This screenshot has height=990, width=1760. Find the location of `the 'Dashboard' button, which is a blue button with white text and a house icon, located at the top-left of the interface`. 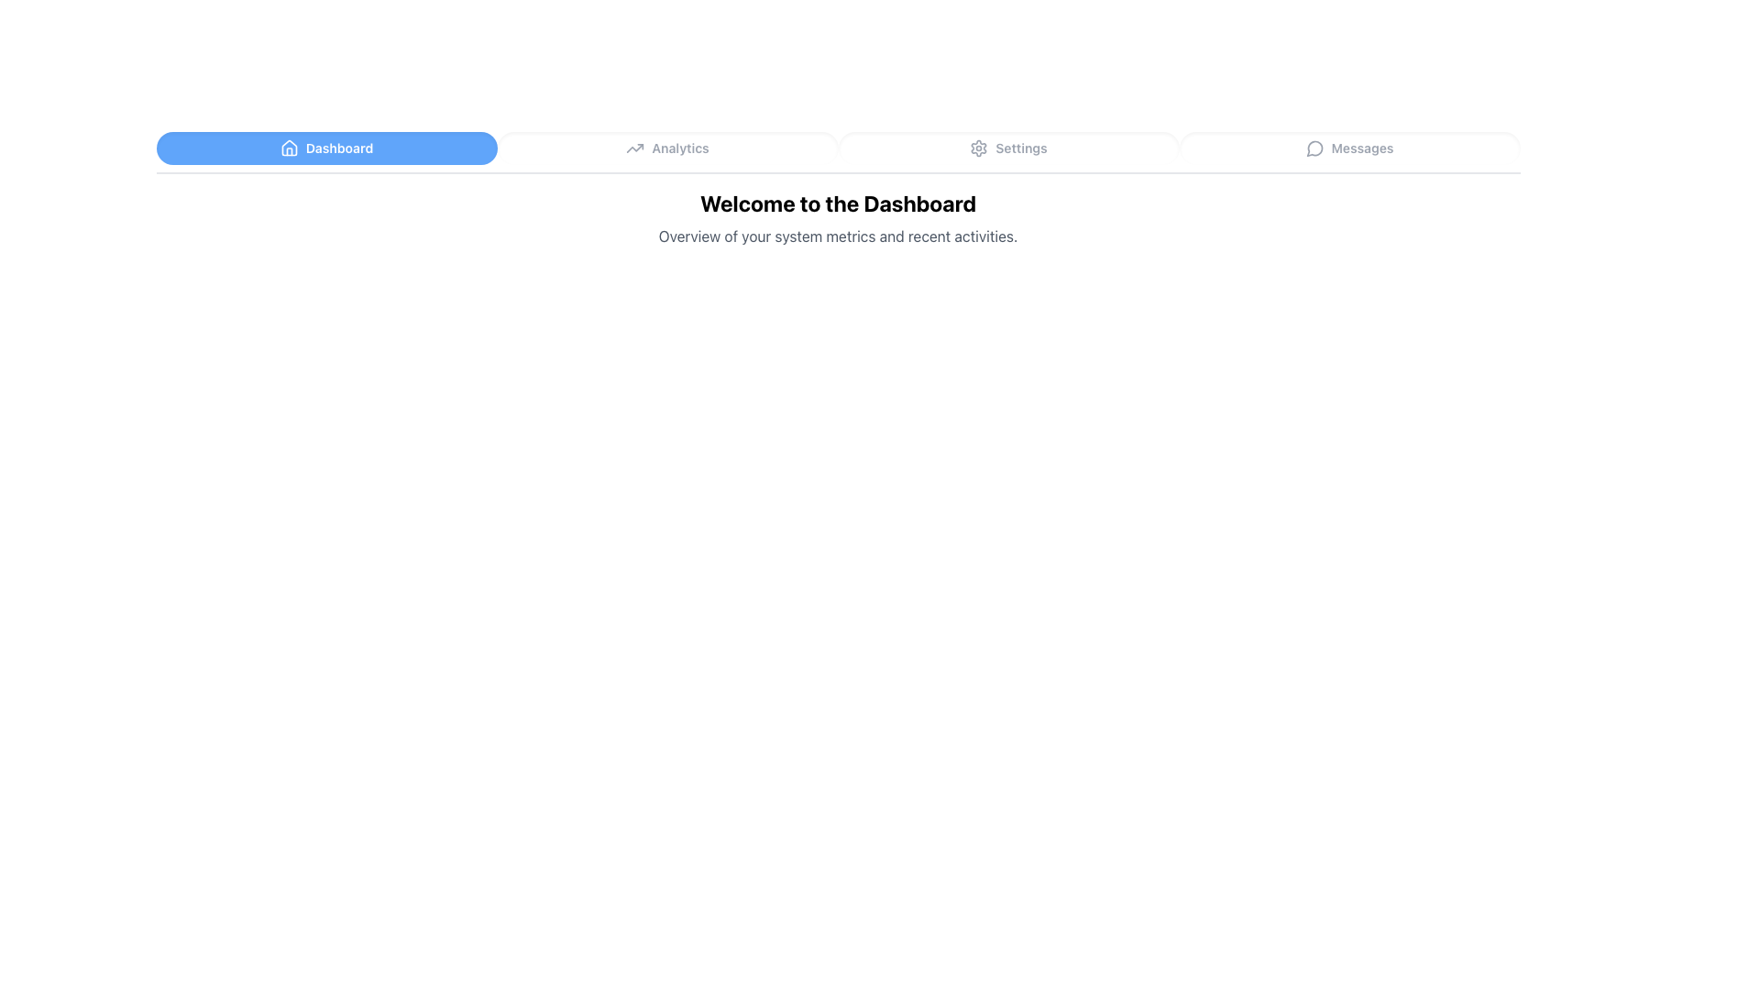

the 'Dashboard' button, which is a blue button with white text and a house icon, located at the top-left of the interface is located at coordinates (326, 148).